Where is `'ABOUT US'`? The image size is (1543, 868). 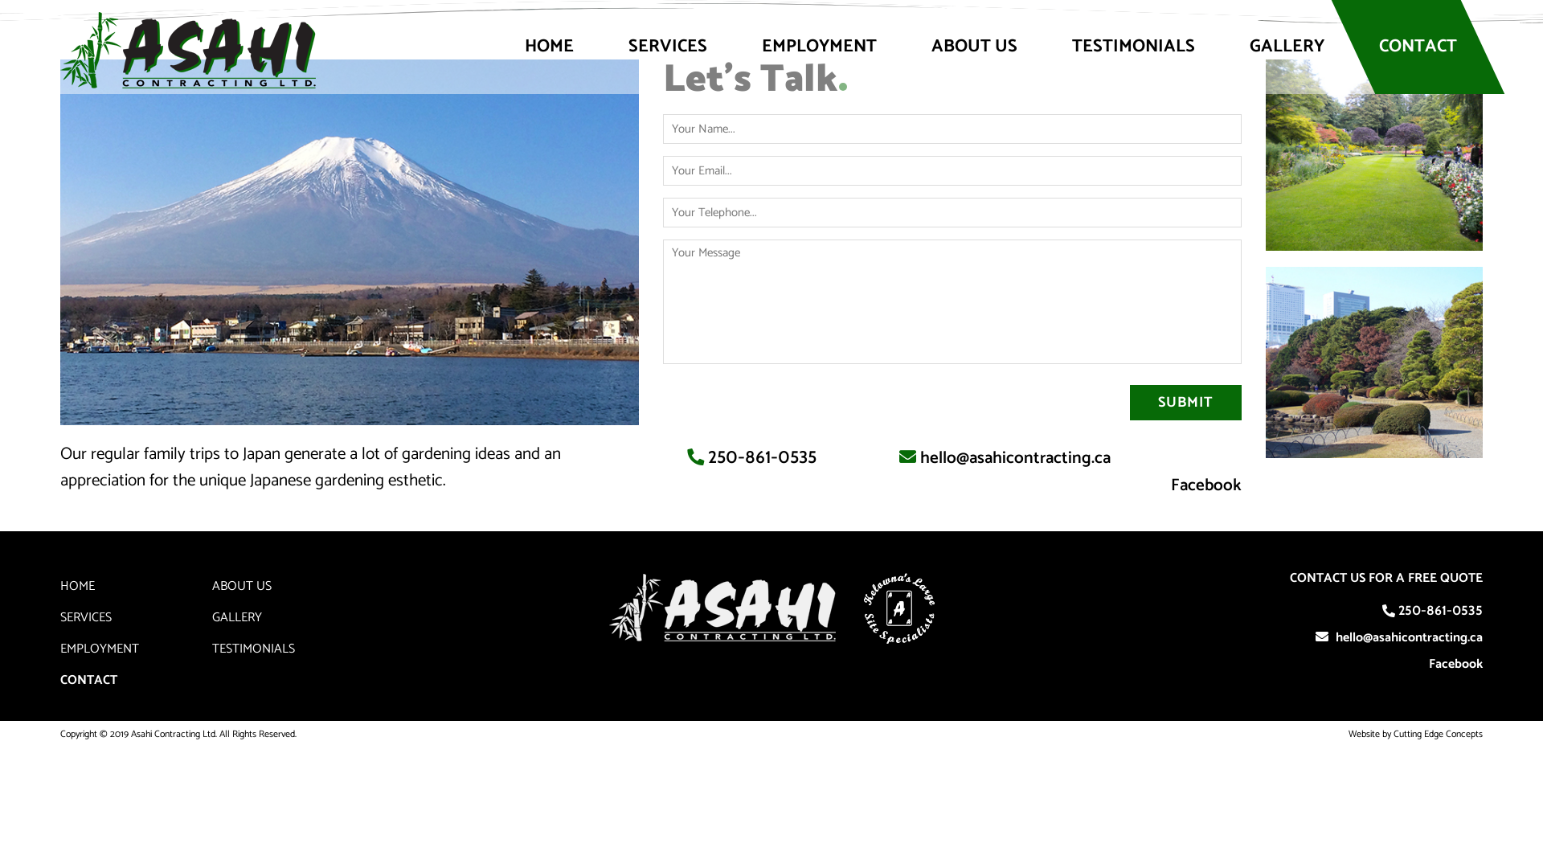
'ABOUT US' is located at coordinates (241, 586).